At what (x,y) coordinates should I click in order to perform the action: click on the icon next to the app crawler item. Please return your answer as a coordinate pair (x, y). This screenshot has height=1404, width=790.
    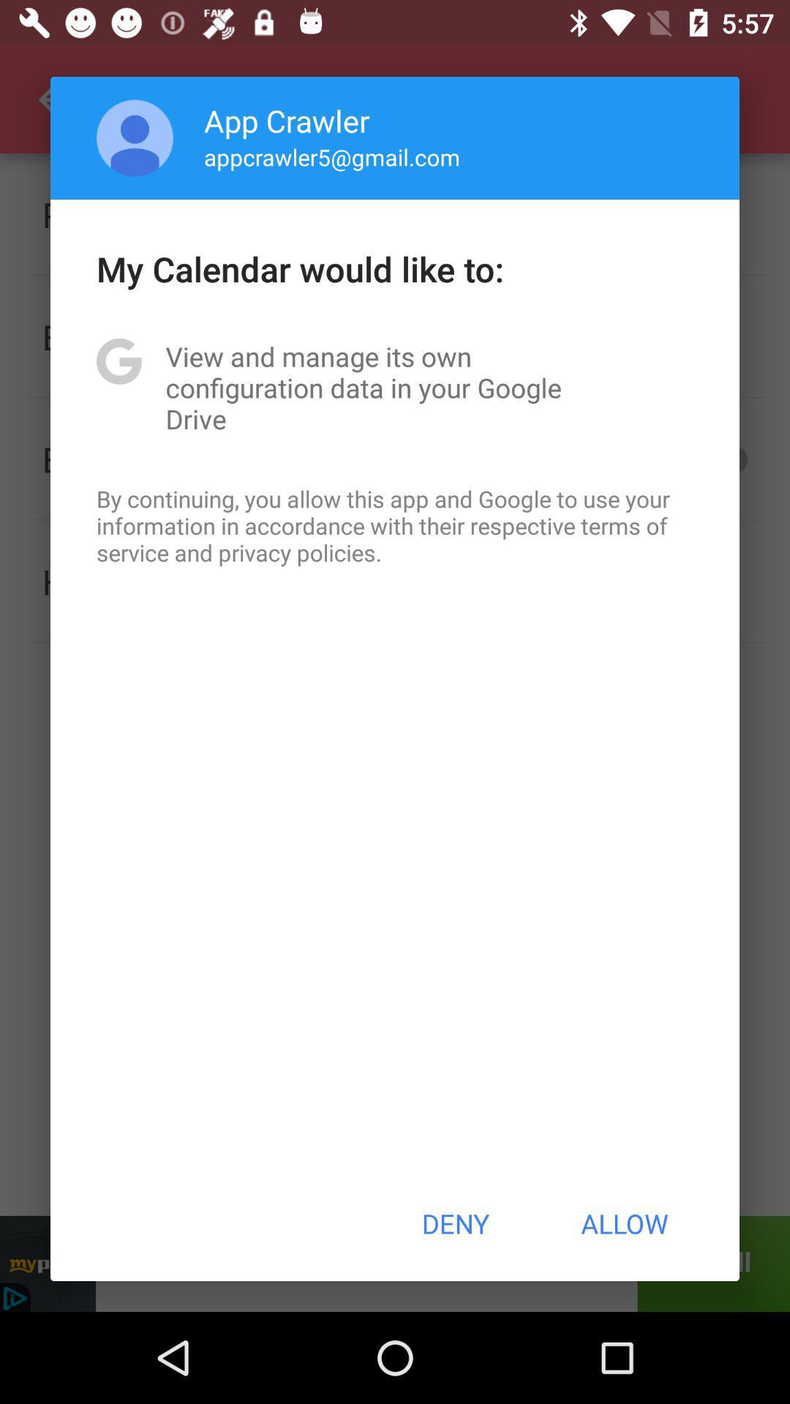
    Looking at the image, I should click on (135, 137).